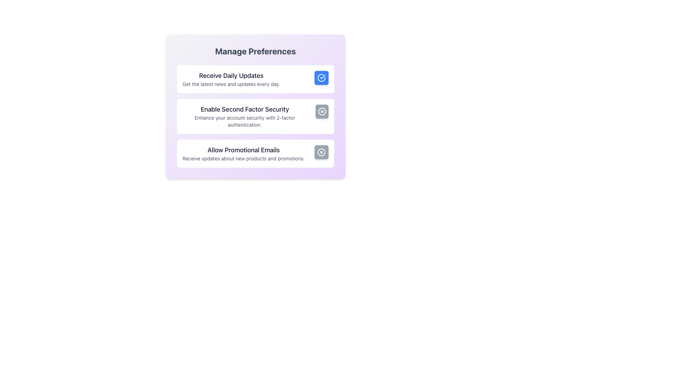 This screenshot has width=674, height=379. I want to click on information from the interactive card titled 'Receive Daily Updates' which is located in the 'Manage Preferences' section, positioned at the top of the stack, so click(255, 79).